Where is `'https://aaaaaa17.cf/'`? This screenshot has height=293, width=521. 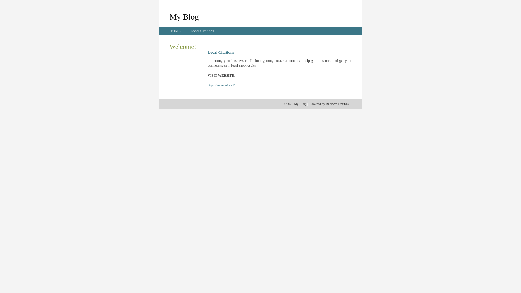
'https://aaaaaa17.cf/' is located at coordinates (207, 85).